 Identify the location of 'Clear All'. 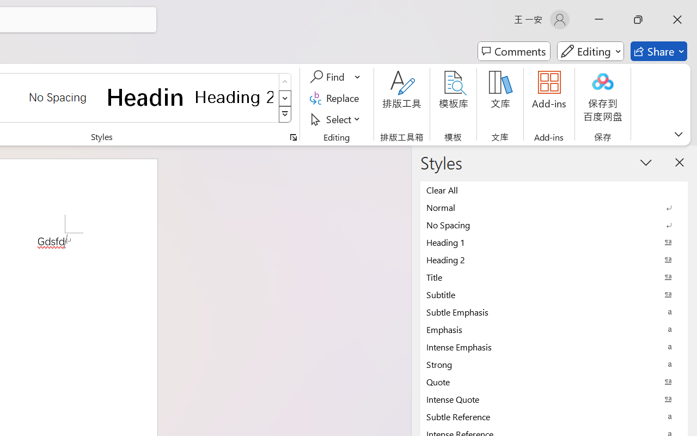
(554, 190).